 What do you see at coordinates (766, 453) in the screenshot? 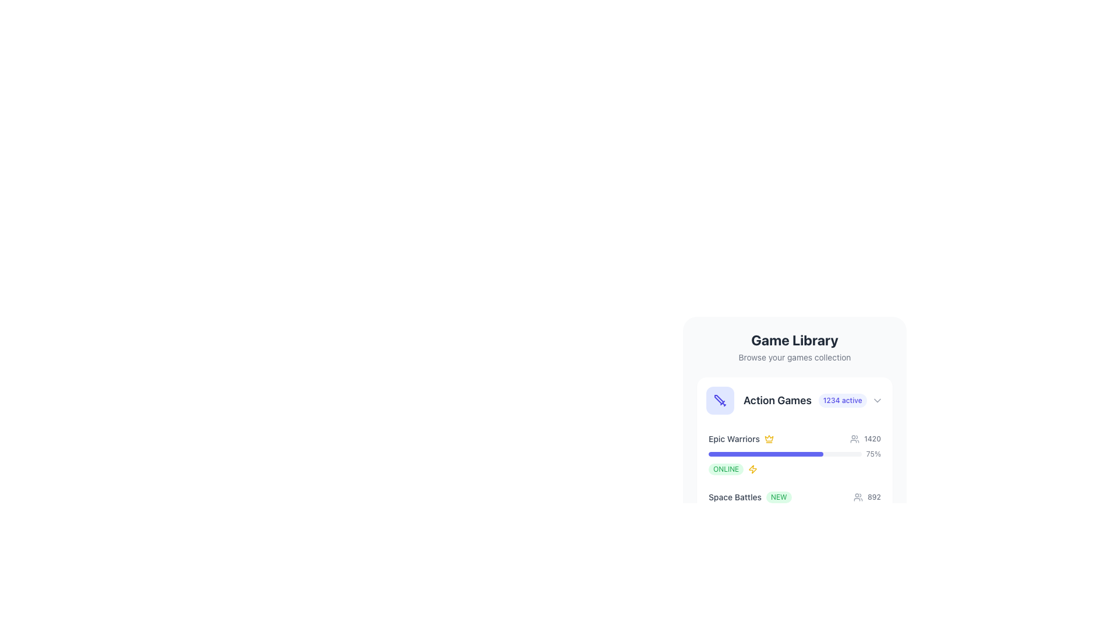
I see `the horizontal, rectangular progress bar with indigo background that indicates a percentage of completion, positioned below the text 'Epic Warriors' and aligned with the numerical indicator '75%'` at bounding box center [766, 453].